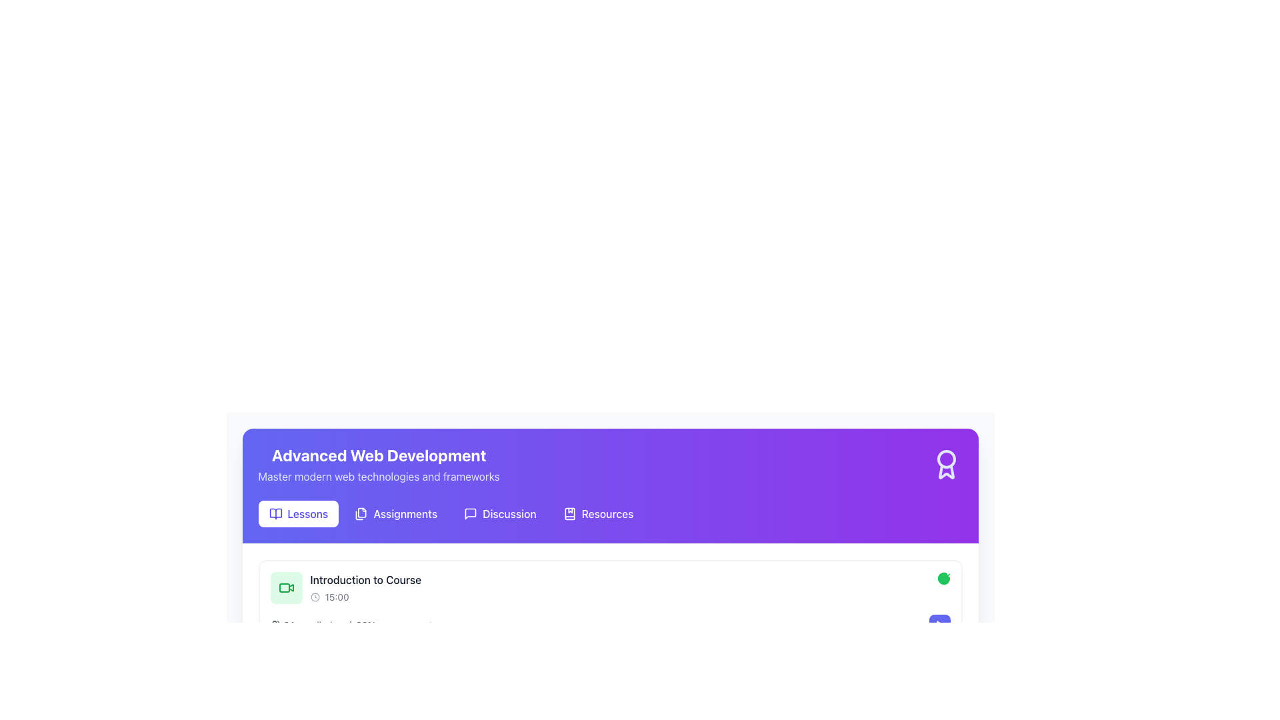 The height and width of the screenshot is (720, 1280). Describe the element at coordinates (499, 513) in the screenshot. I see `the 'Discussion' button, which is a prominent button with a white font on a purple background, located between the 'Assignments' and 'Resources' buttons` at that location.